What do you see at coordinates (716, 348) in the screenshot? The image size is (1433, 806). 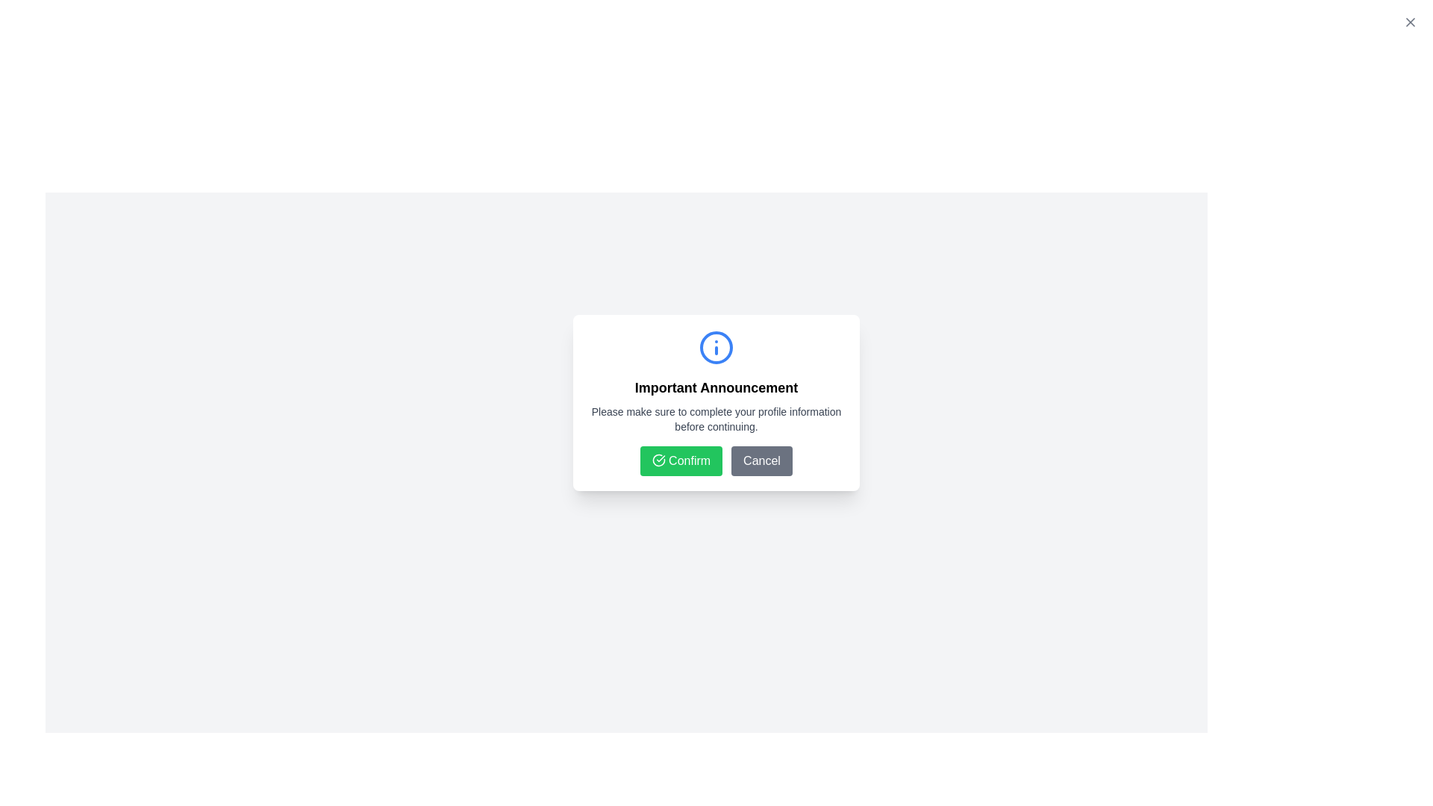 I see `the circular outline of the blue-stroke information icon located at the top-center of the modal dialog` at bounding box center [716, 348].